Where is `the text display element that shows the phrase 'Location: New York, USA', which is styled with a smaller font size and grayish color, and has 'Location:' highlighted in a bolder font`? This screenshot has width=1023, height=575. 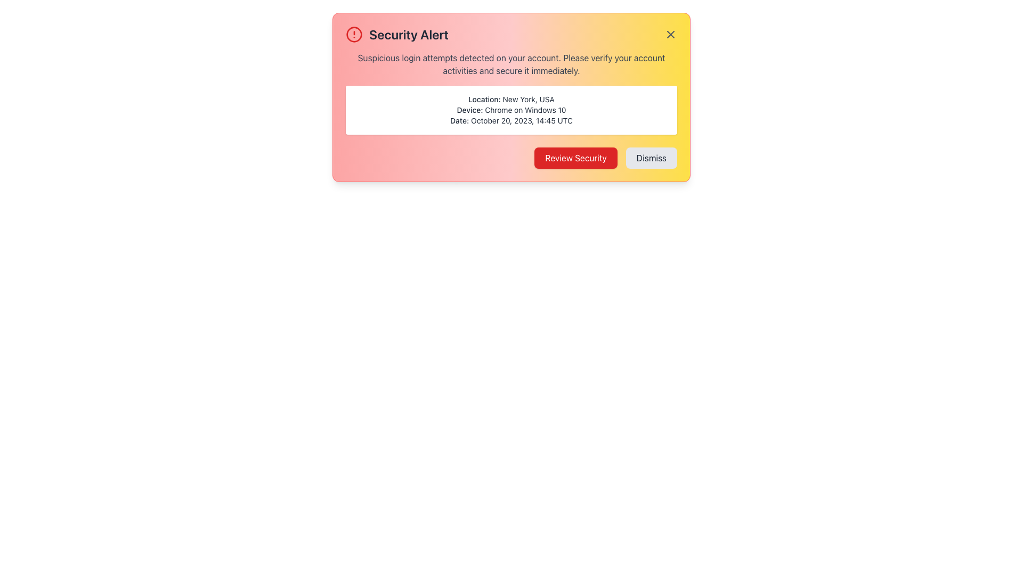
the text display element that shows the phrase 'Location: New York, USA', which is styled with a smaller font size and grayish color, and has 'Location:' highlighted in a bolder font is located at coordinates (511, 99).